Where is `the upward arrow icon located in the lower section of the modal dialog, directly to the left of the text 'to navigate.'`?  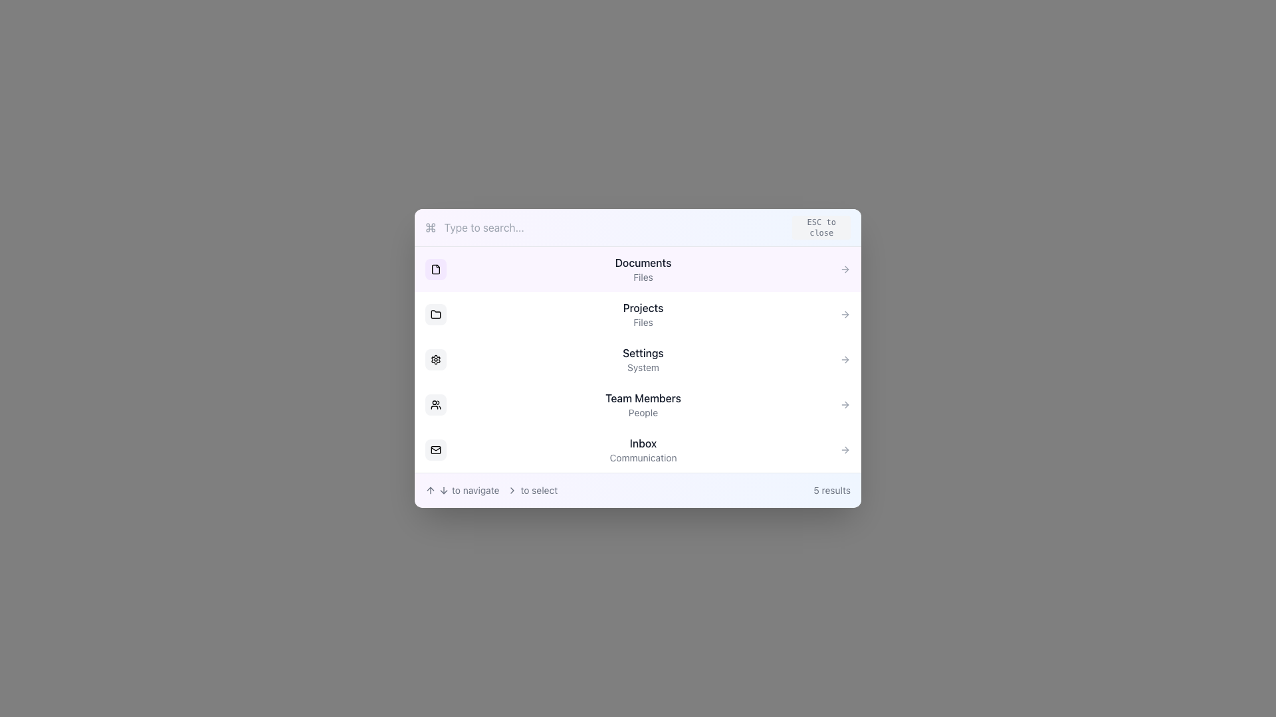 the upward arrow icon located in the lower section of the modal dialog, directly to the left of the text 'to navigate.' is located at coordinates (431, 491).